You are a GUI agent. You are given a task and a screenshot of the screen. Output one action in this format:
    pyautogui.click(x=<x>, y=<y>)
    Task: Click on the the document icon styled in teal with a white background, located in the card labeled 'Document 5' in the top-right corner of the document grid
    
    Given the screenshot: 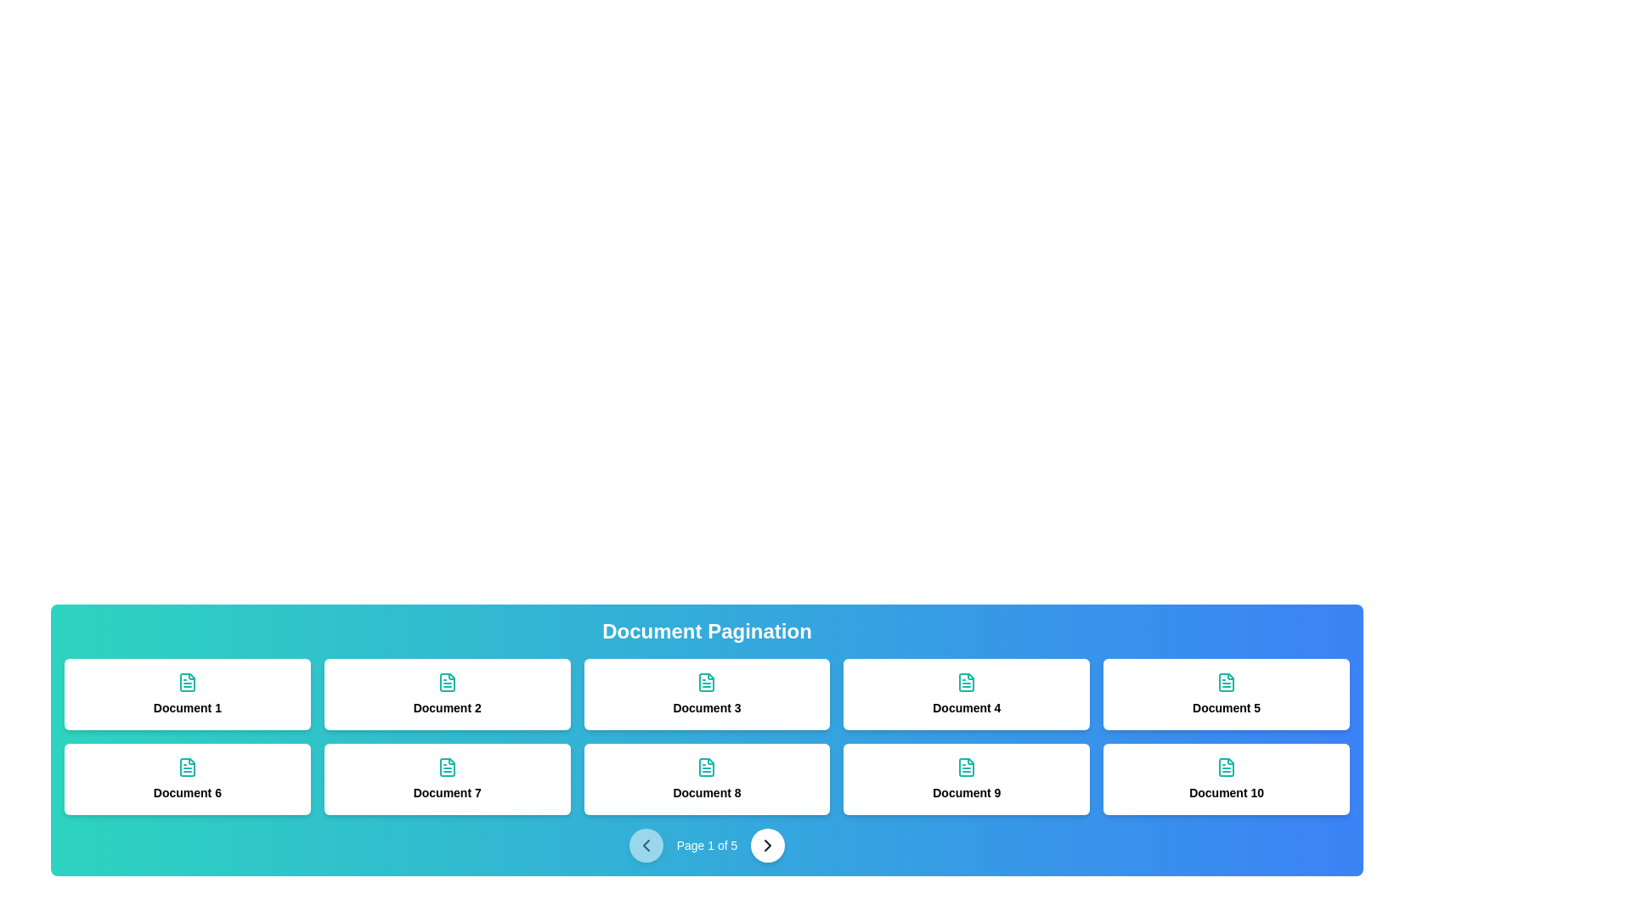 What is the action you would take?
    pyautogui.click(x=1227, y=681)
    